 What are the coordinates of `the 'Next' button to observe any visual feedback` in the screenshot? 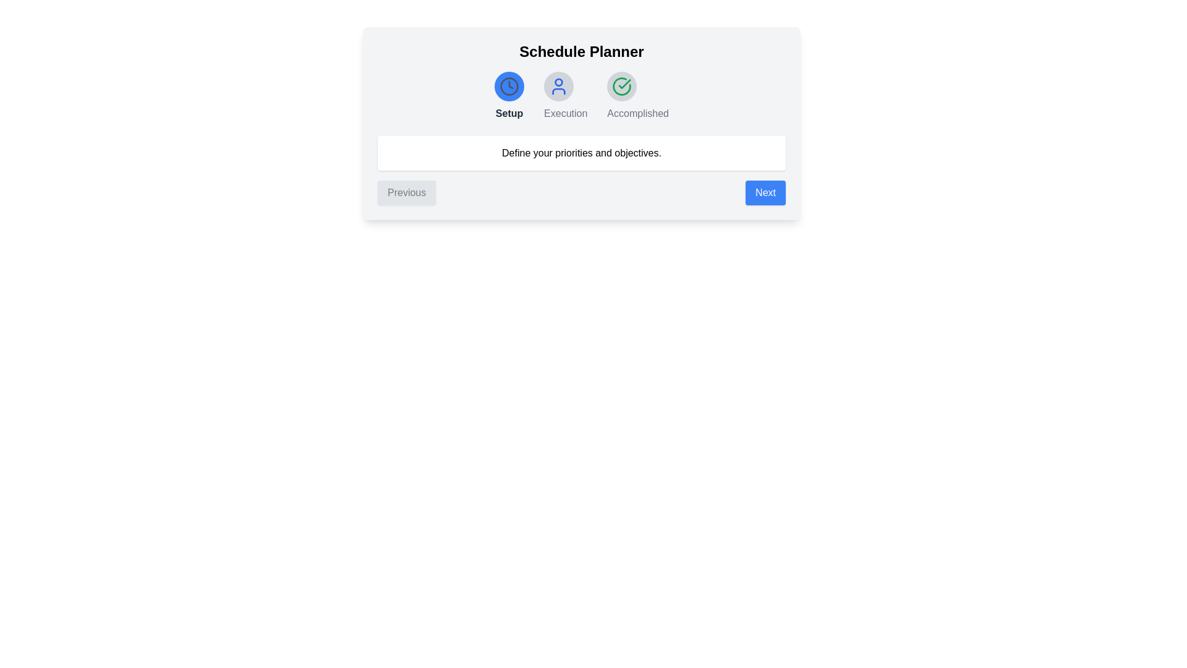 It's located at (765, 193).